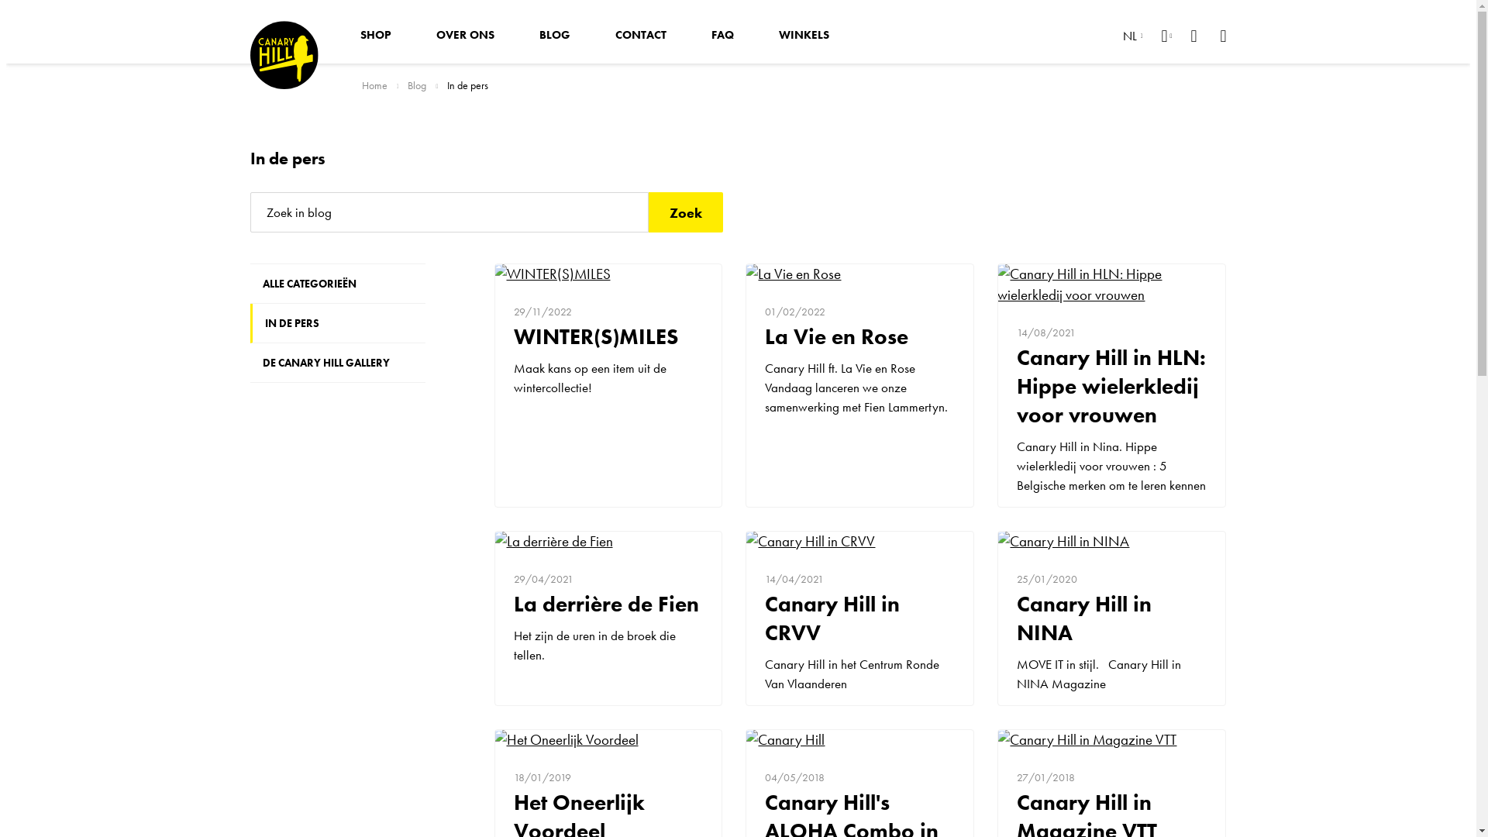 Image resolution: width=1488 pixels, height=837 pixels. Describe the element at coordinates (765, 618) in the screenshot. I see `'Canary Hill in CRVV'` at that location.